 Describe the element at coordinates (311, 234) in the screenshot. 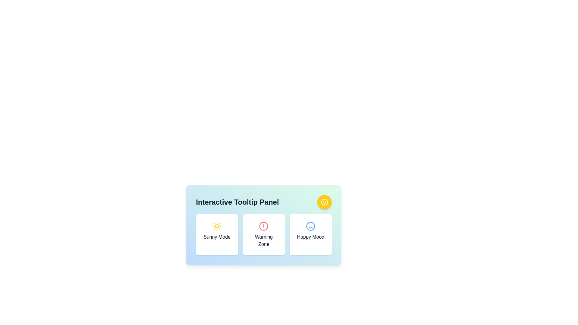

I see `the 'Happy Mood' state card, which is the last card in a horizontal arrangement of three cards, serving as a mood indicator` at that location.